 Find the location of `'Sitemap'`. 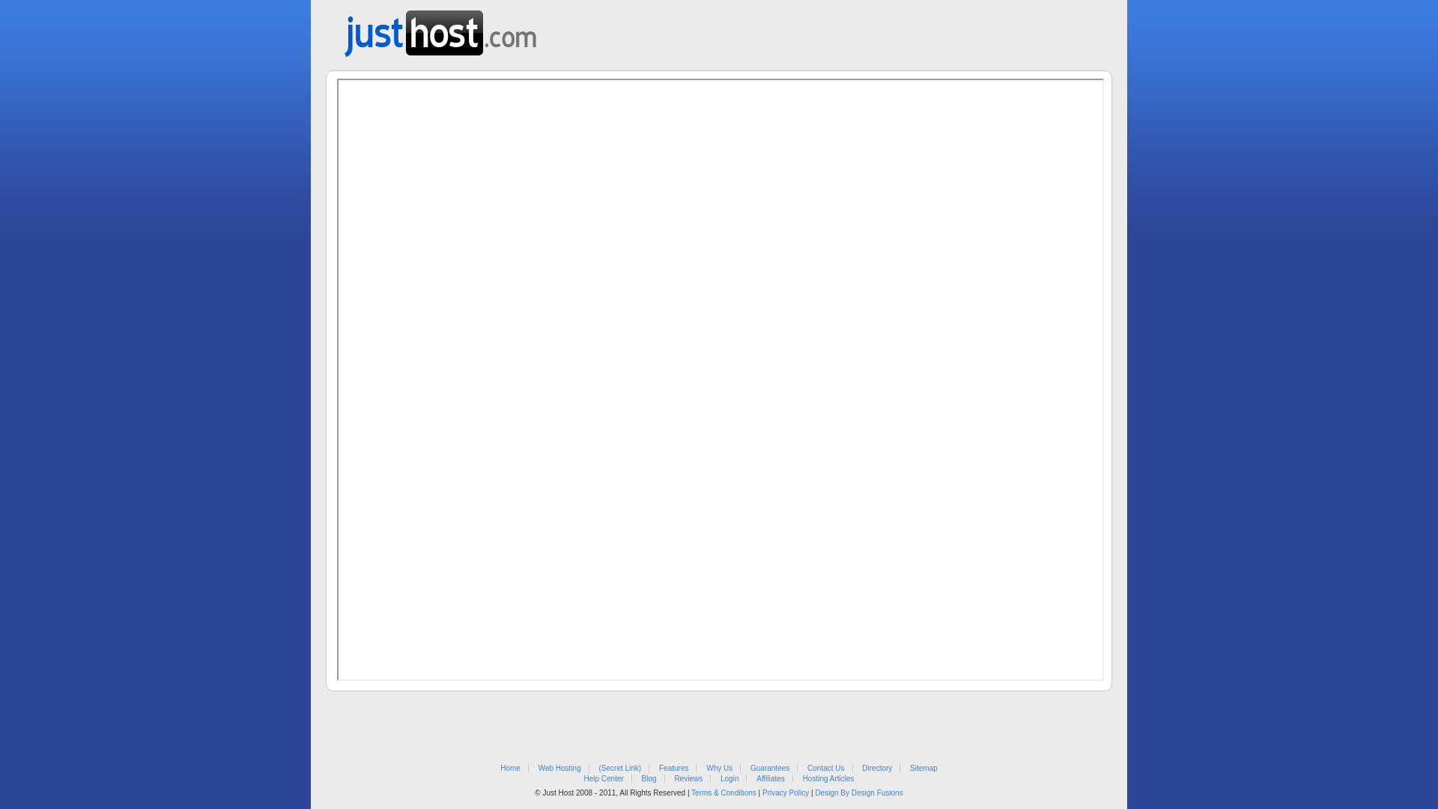

'Sitemap' is located at coordinates (923, 768).